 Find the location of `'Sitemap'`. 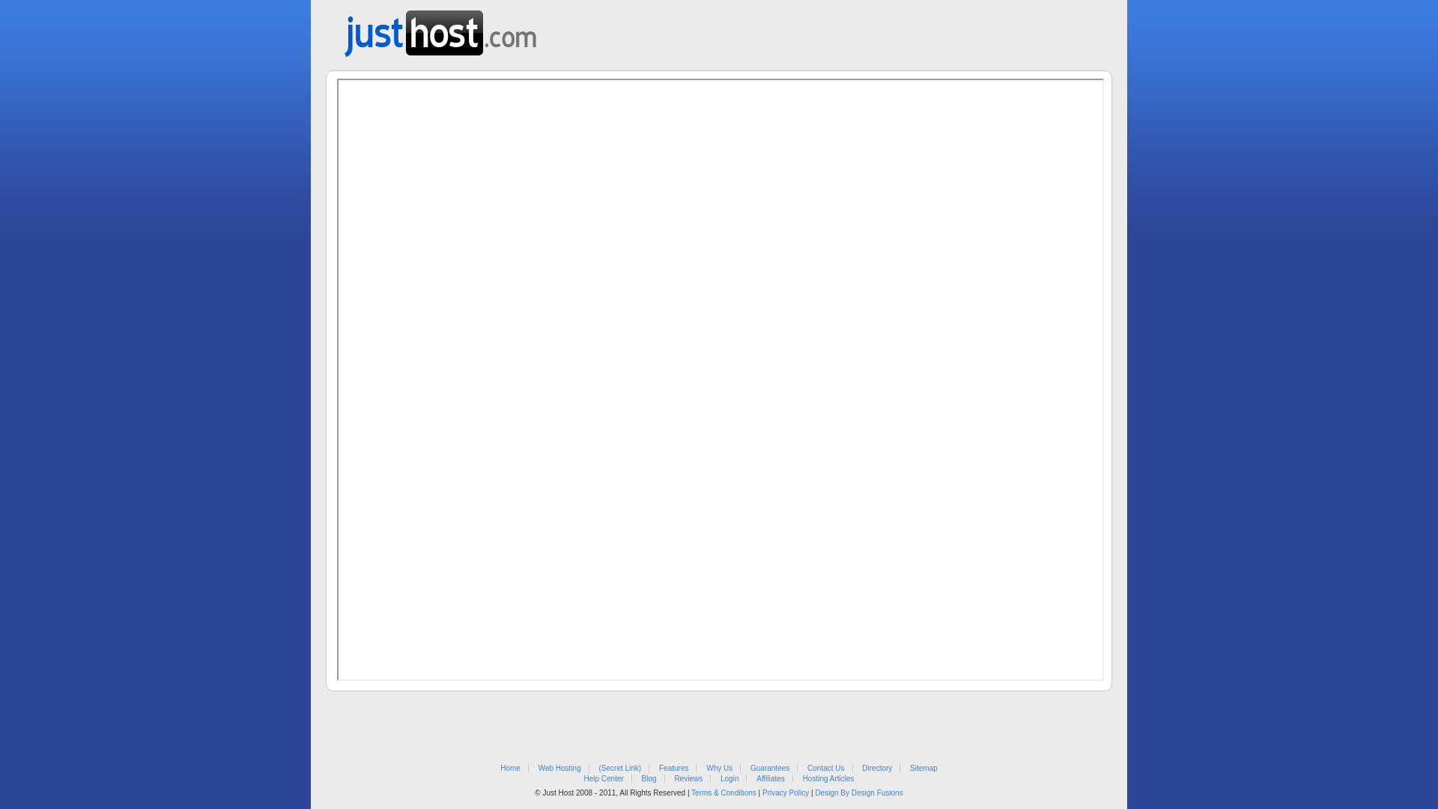

'Sitemap' is located at coordinates (923, 768).